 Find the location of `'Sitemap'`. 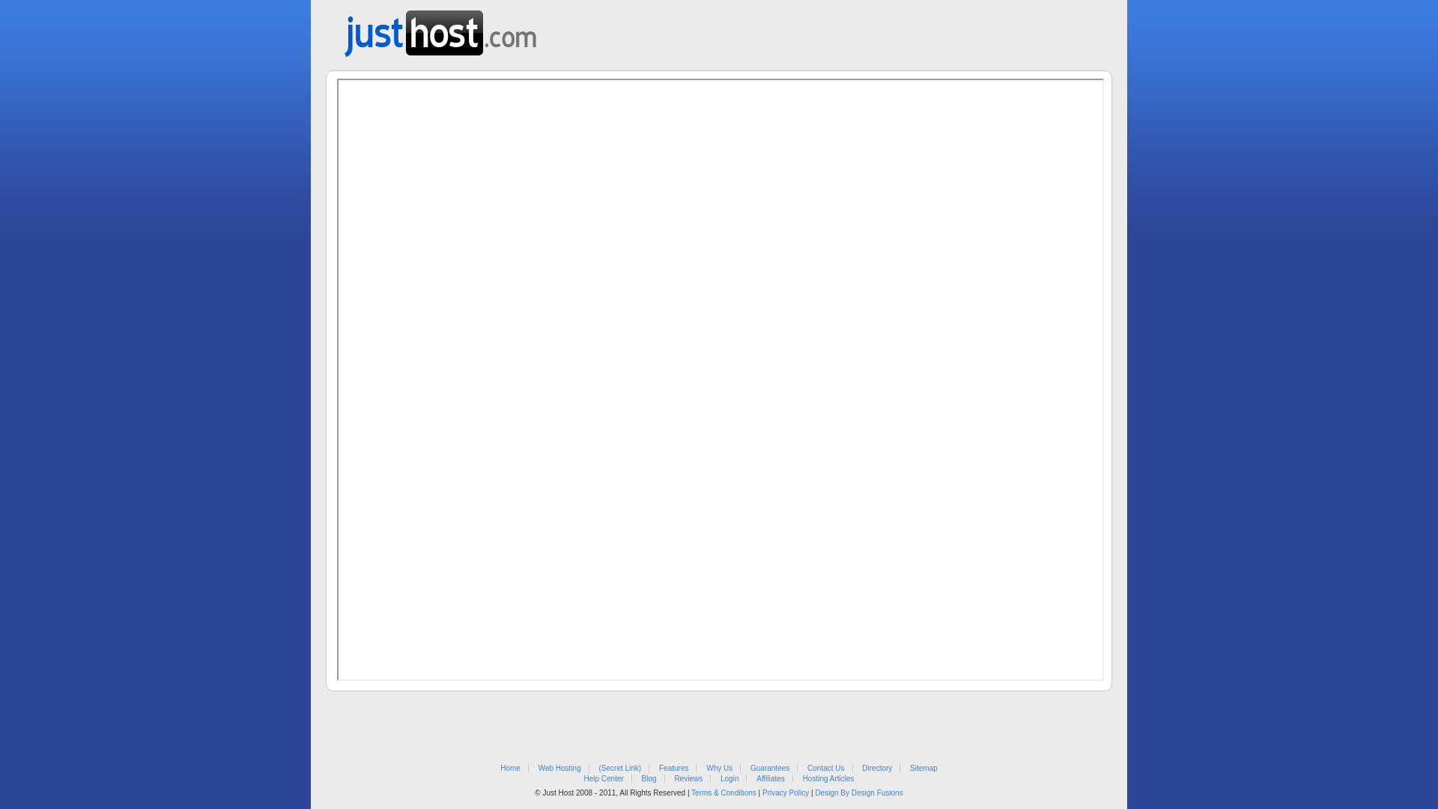

'Sitemap' is located at coordinates (923, 768).